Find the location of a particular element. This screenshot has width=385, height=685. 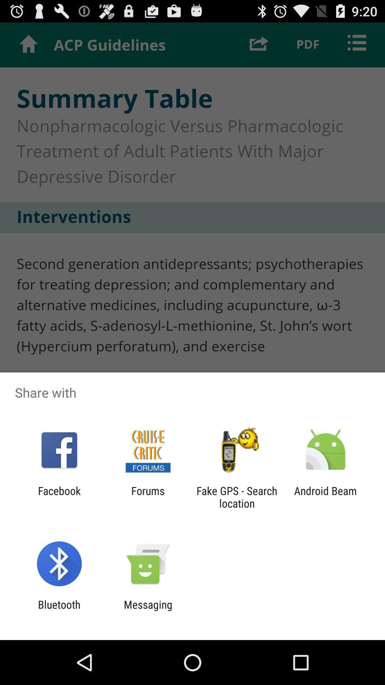

the icon to the left of fake gps search item is located at coordinates (148, 497).